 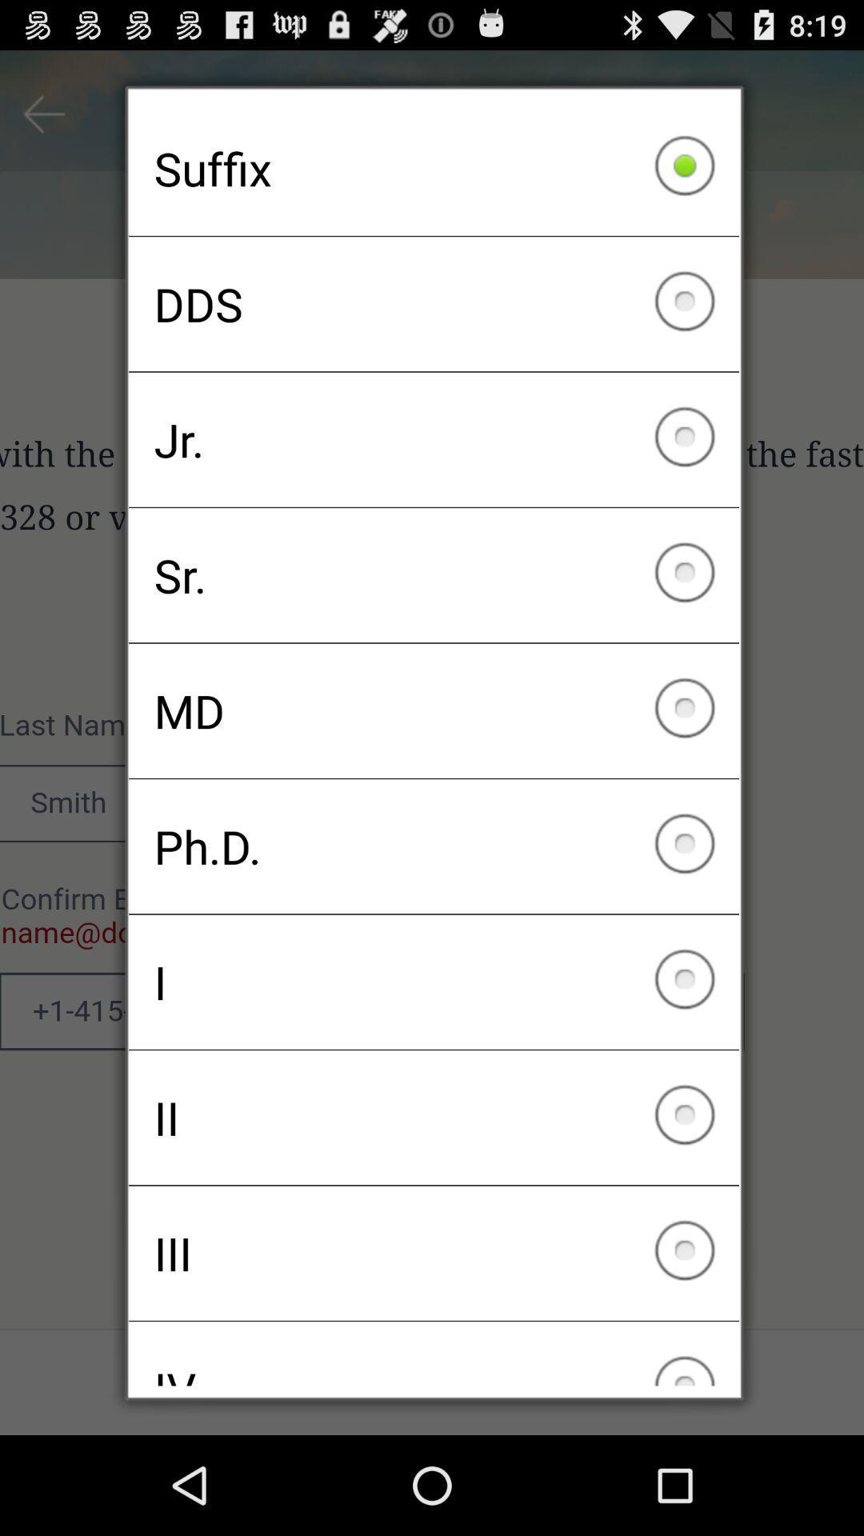 I want to click on the checkbox below iii icon, so click(x=434, y=1353).